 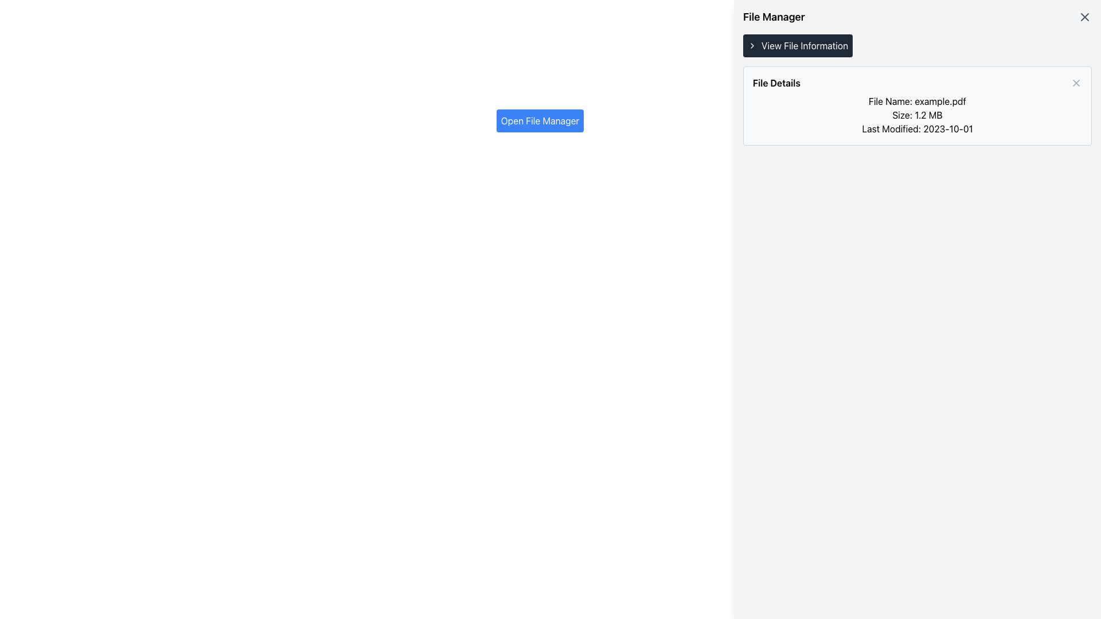 I want to click on the 'View File Information' button, which is a rectangular button with a dark gray background and white text, located in the right-side panel under the header 'File Manager', so click(x=797, y=45).